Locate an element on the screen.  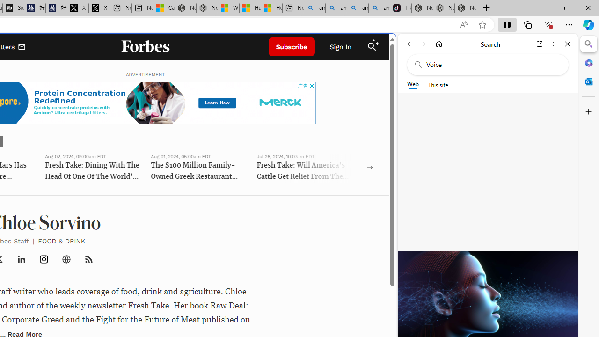
'Forward' is located at coordinates (424, 44).